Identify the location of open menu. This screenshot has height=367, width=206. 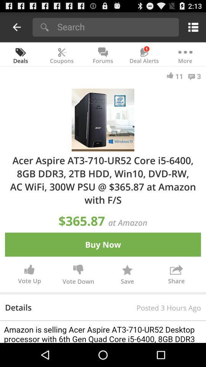
(192, 27).